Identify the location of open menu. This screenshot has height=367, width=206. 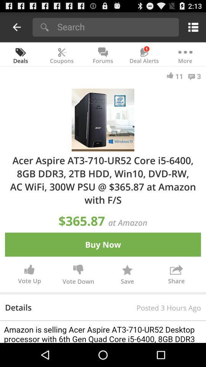
(192, 27).